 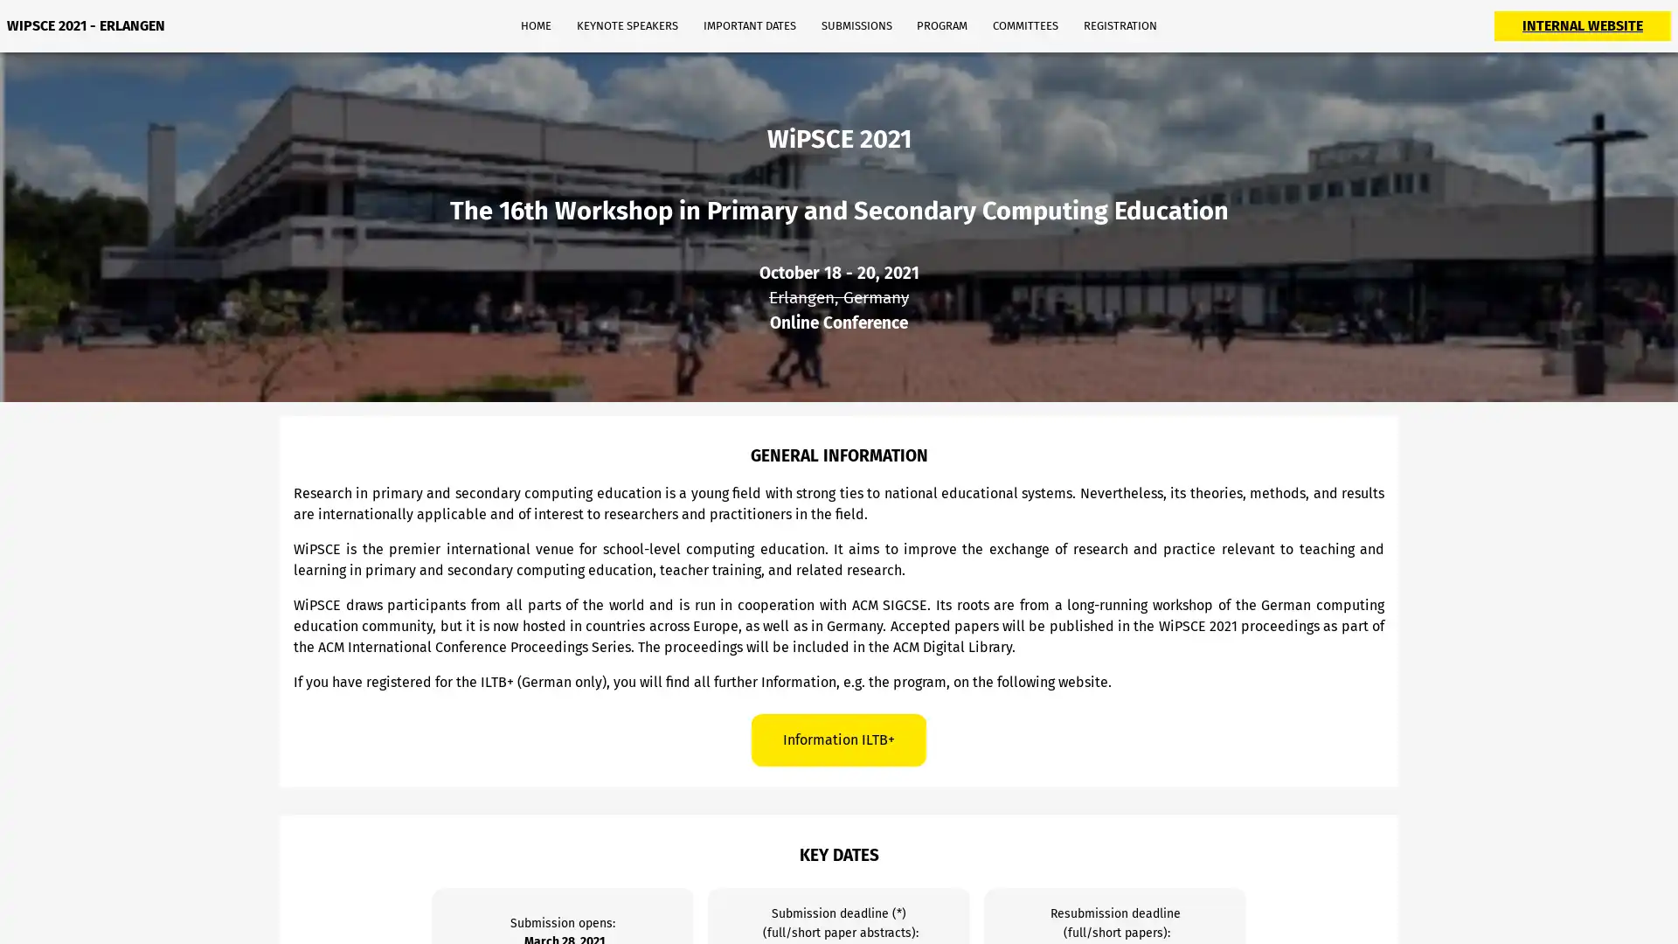 I want to click on INTERNAL WEBSITE, so click(x=1582, y=25).